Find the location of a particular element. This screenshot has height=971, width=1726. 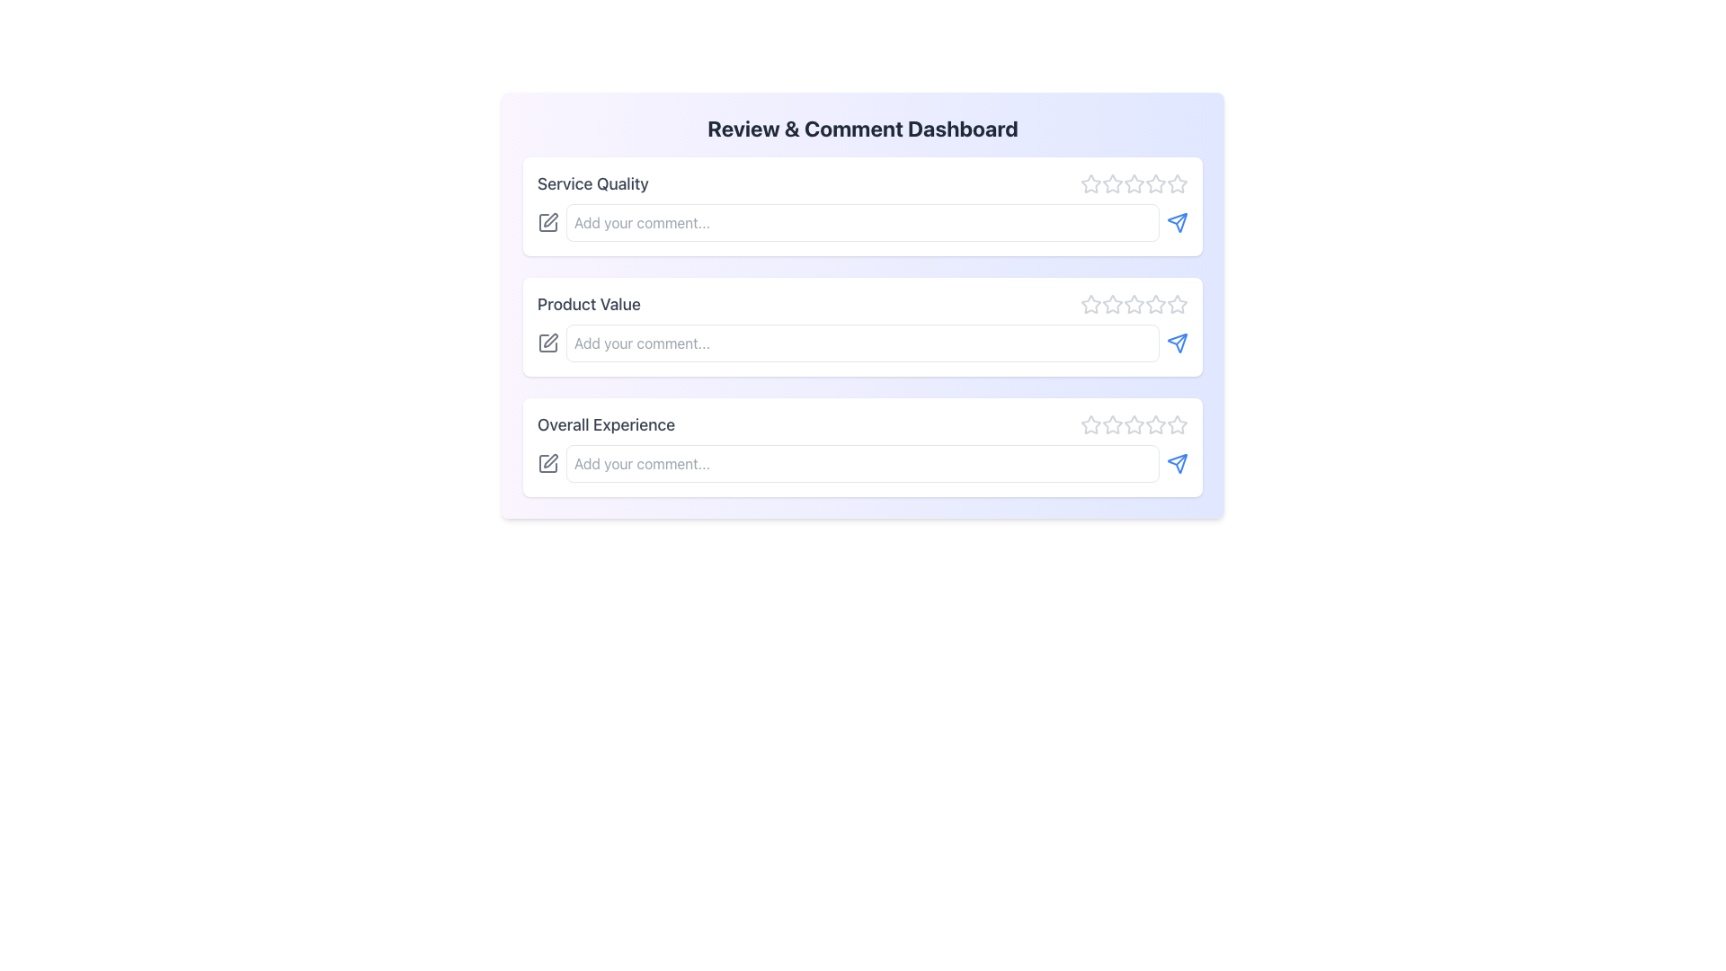

the fourth star icon in the 'Overall Experience' section is located at coordinates (1134, 425).